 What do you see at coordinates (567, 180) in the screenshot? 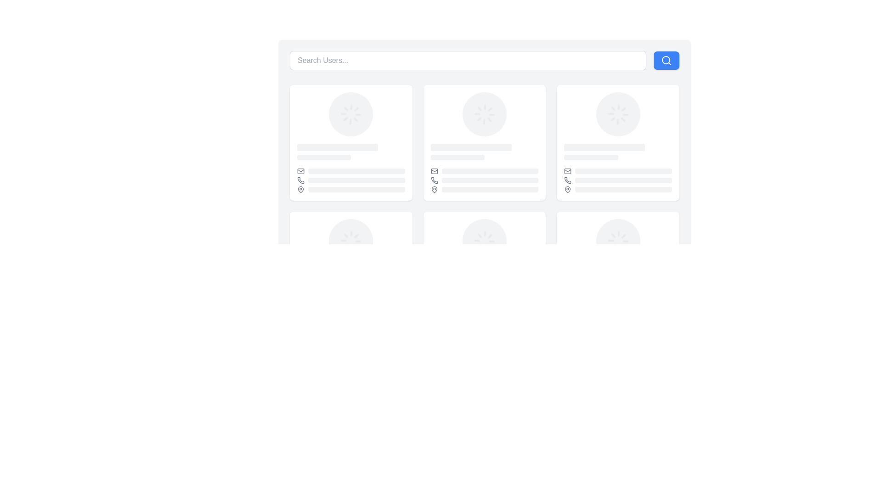
I see `the phone icon, which is a thin outlined SVG with a classic handset shape, to initiate a call action` at bounding box center [567, 180].